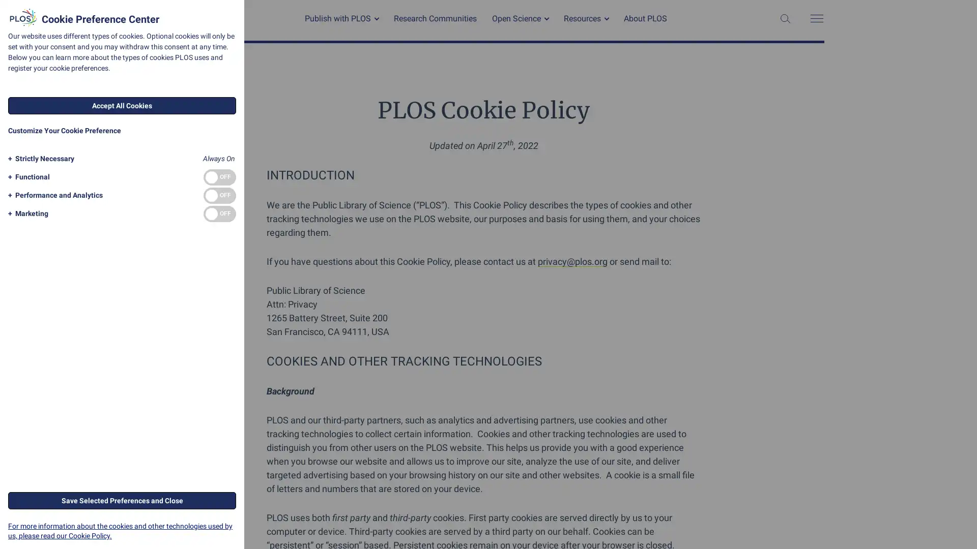 The width and height of the screenshot is (977, 549). I want to click on Toggle explanation of Functional Cookies., so click(27, 176).